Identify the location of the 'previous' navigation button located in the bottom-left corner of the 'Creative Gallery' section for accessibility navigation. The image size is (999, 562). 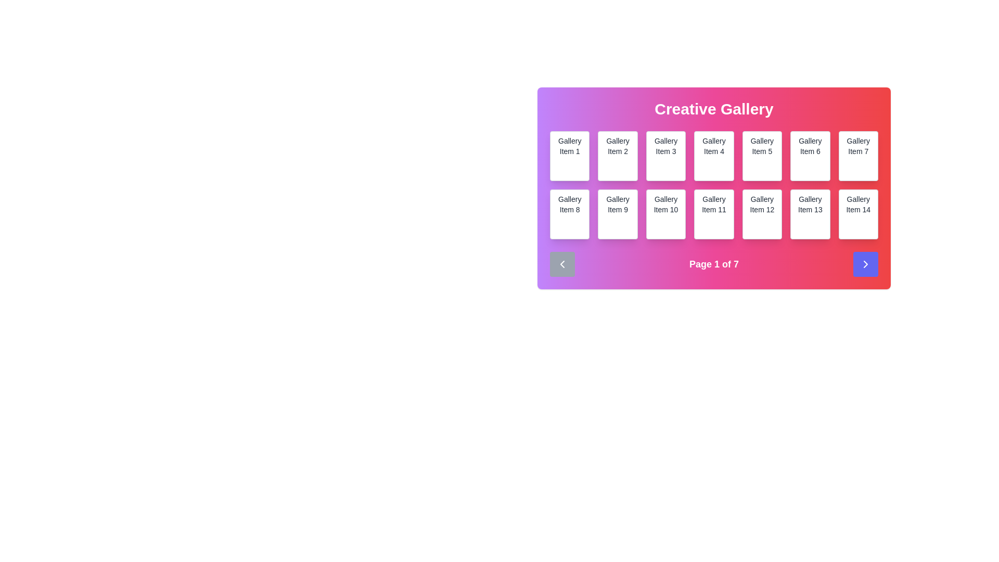
(561, 264).